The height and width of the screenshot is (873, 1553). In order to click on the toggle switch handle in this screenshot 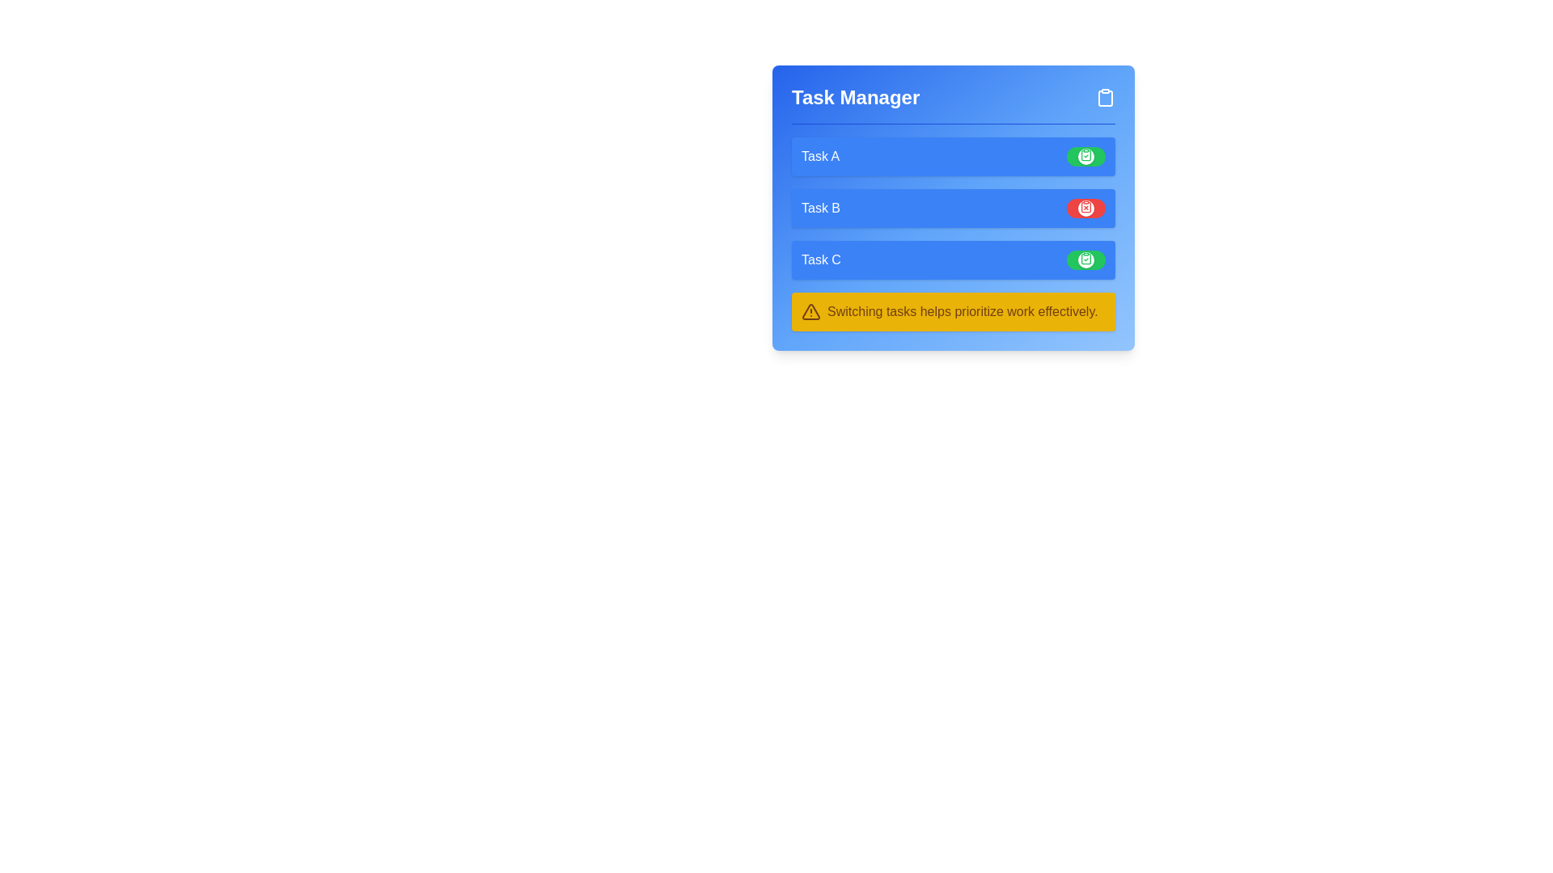, I will do `click(1086, 156)`.